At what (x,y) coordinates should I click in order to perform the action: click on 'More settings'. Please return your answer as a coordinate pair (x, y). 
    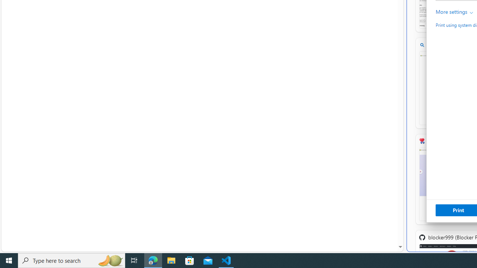
    Looking at the image, I should click on (455, 12).